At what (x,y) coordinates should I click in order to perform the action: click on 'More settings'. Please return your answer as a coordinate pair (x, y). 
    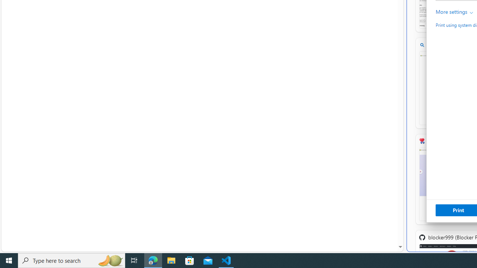
    Looking at the image, I should click on (455, 12).